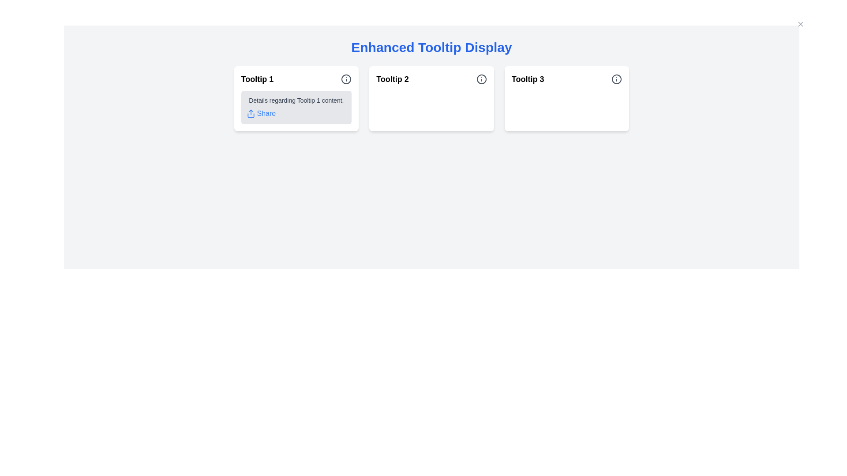 This screenshot has width=847, height=476. I want to click on the third information card in the horizontal row, which is aligned with 'Tooltip 1' and 'Tooltip 2', so click(567, 98).